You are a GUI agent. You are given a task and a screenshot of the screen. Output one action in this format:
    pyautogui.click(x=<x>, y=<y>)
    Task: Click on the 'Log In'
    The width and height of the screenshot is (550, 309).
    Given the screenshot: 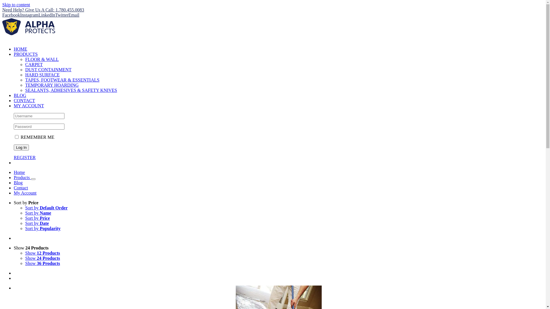 What is the action you would take?
    pyautogui.click(x=21, y=147)
    